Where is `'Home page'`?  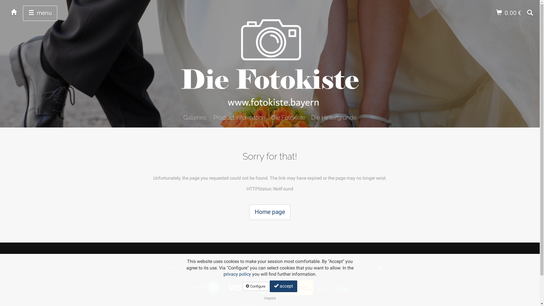 'Home page' is located at coordinates (269, 212).